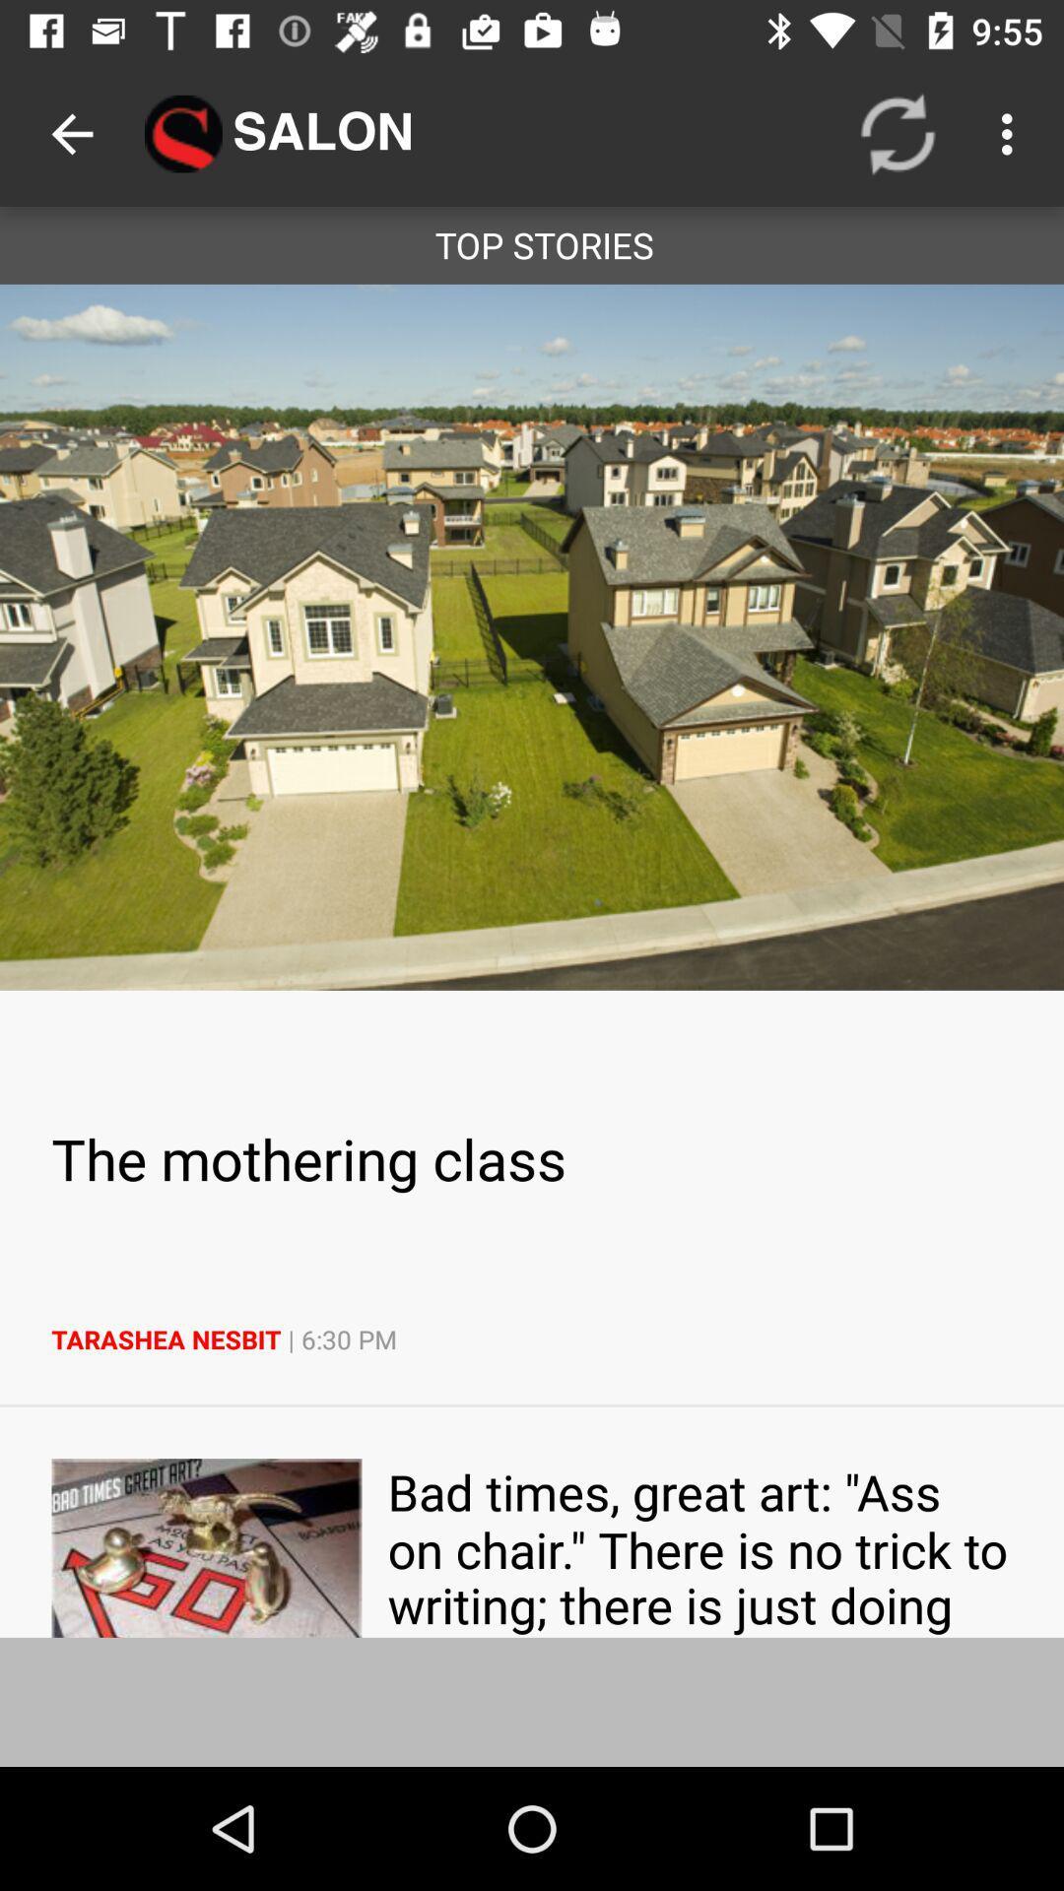 The height and width of the screenshot is (1891, 1064). Describe the element at coordinates (532, 1158) in the screenshot. I see `the the mothering class item` at that location.